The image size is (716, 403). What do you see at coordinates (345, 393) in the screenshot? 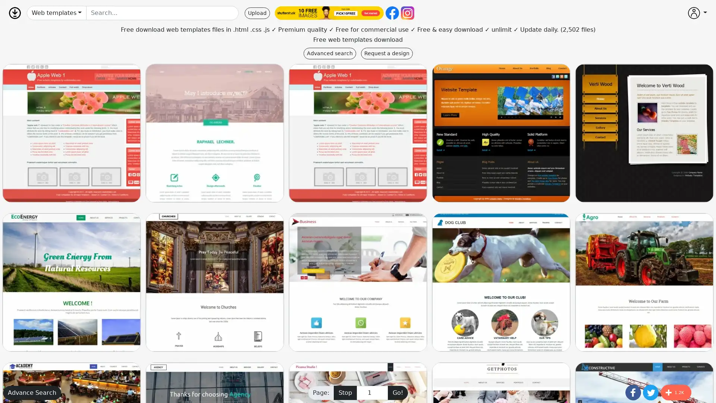
I see `Stop` at bounding box center [345, 393].